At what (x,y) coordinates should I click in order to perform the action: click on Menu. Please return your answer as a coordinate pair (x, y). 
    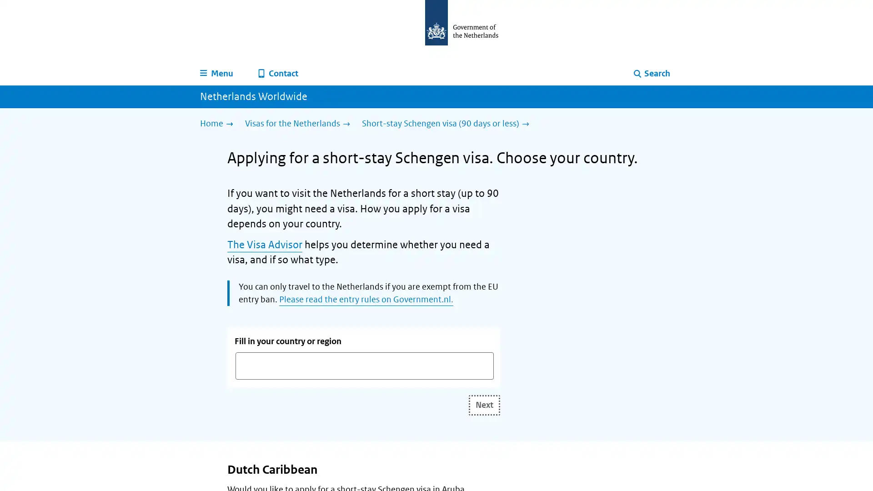
    Looking at the image, I should click on (216, 73).